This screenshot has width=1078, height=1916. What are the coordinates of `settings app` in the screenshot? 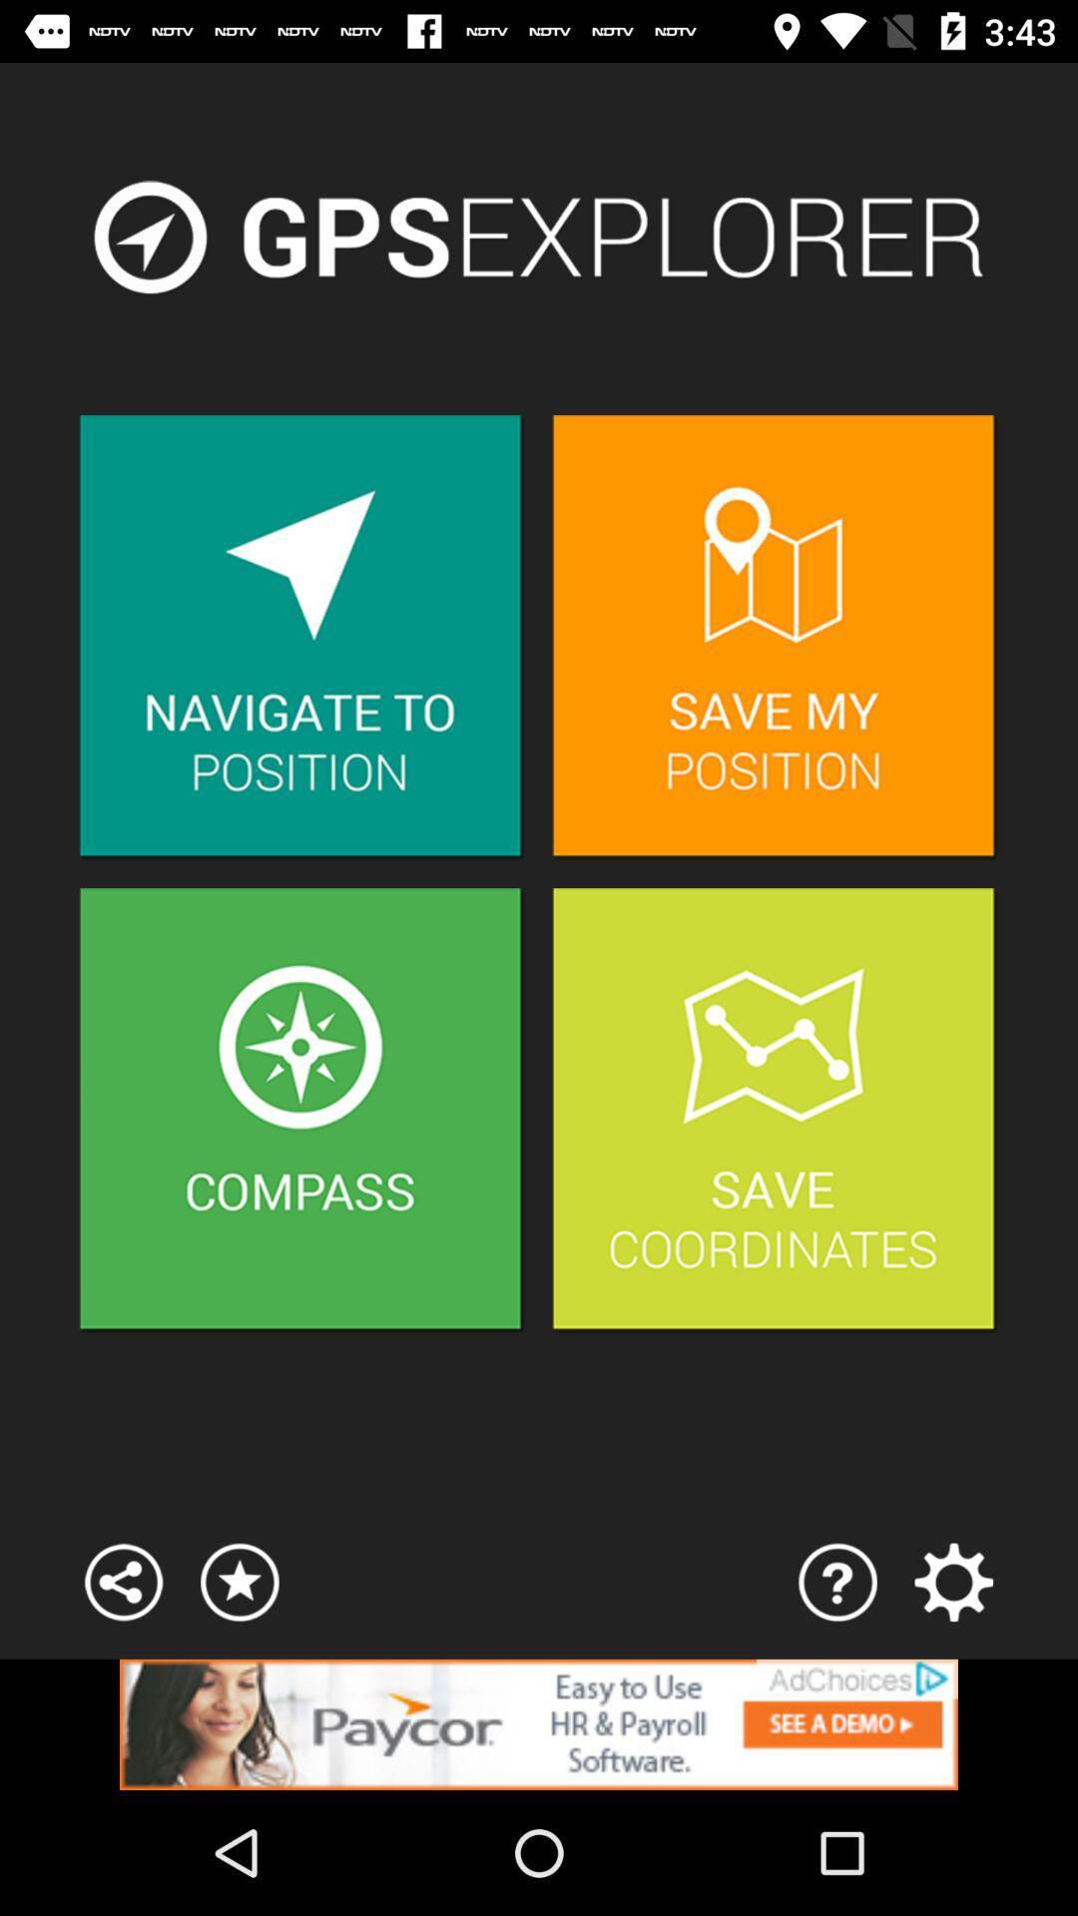 It's located at (952, 1581).